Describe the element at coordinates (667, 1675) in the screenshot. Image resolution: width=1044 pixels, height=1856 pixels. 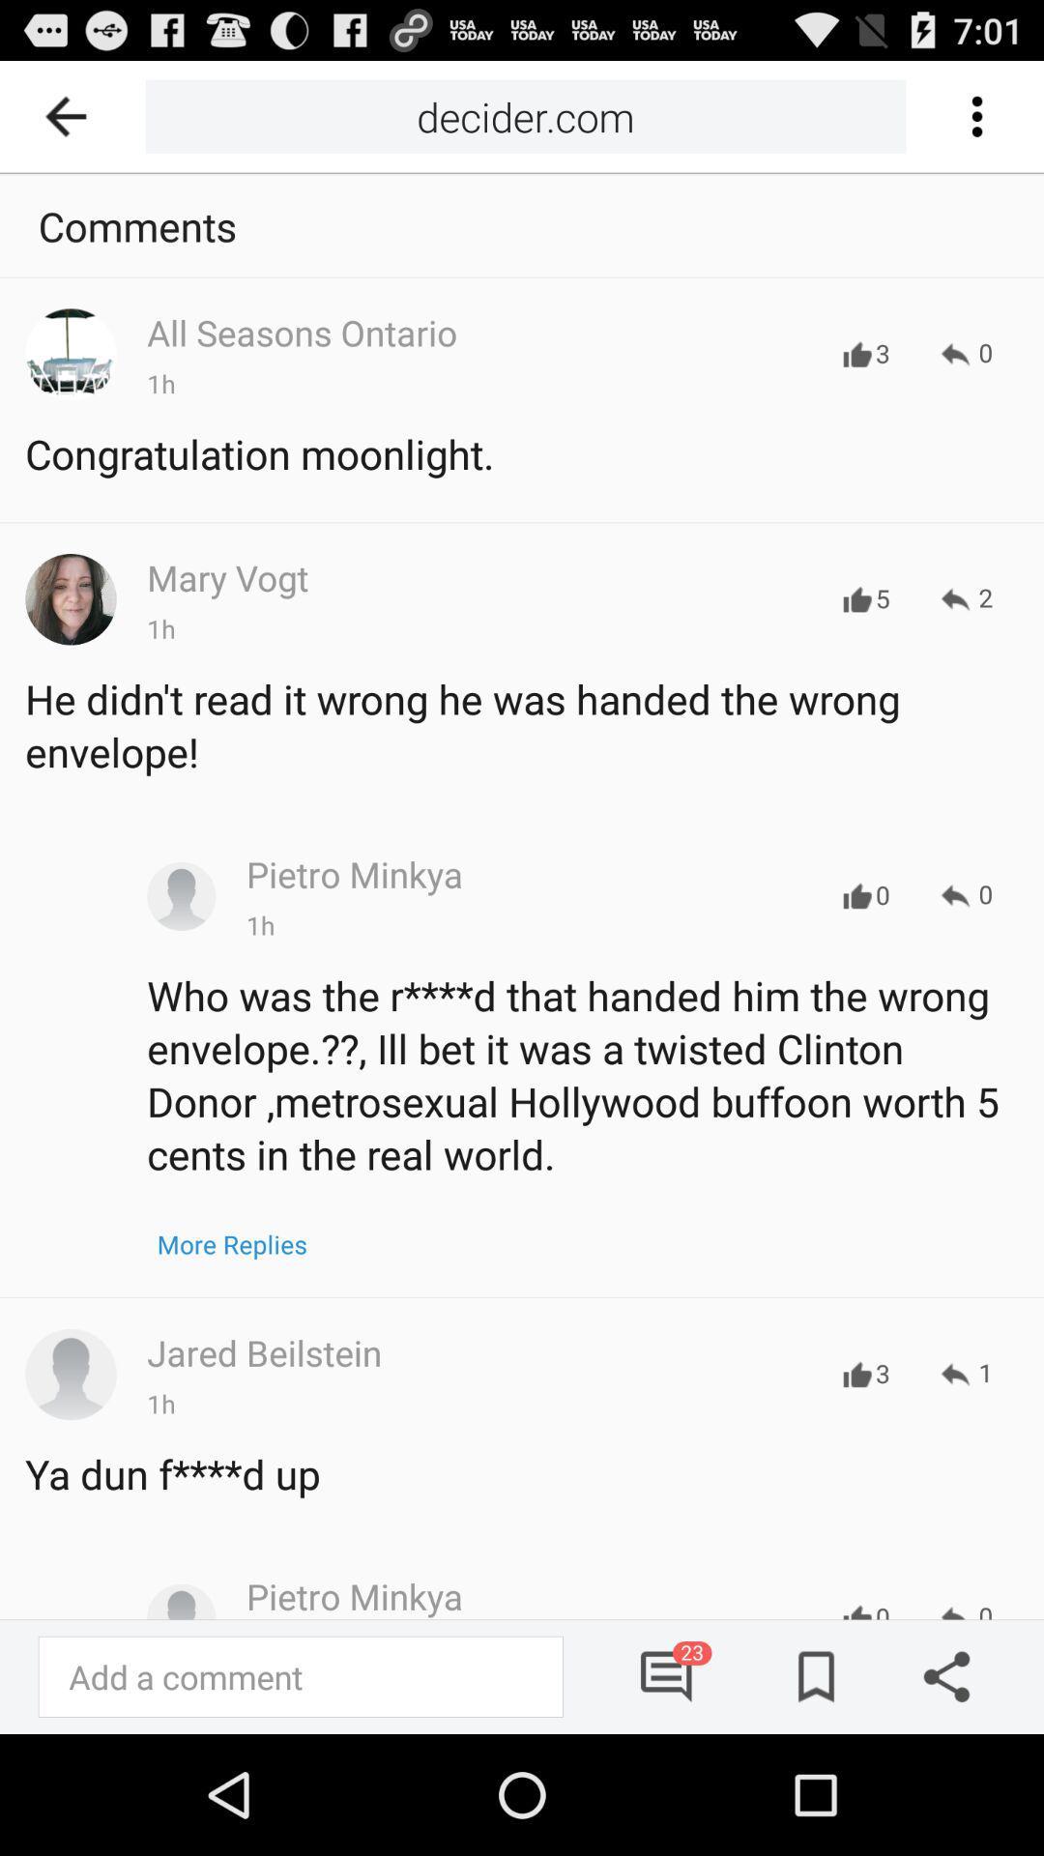
I see `the icon next to the add a comment icon` at that location.